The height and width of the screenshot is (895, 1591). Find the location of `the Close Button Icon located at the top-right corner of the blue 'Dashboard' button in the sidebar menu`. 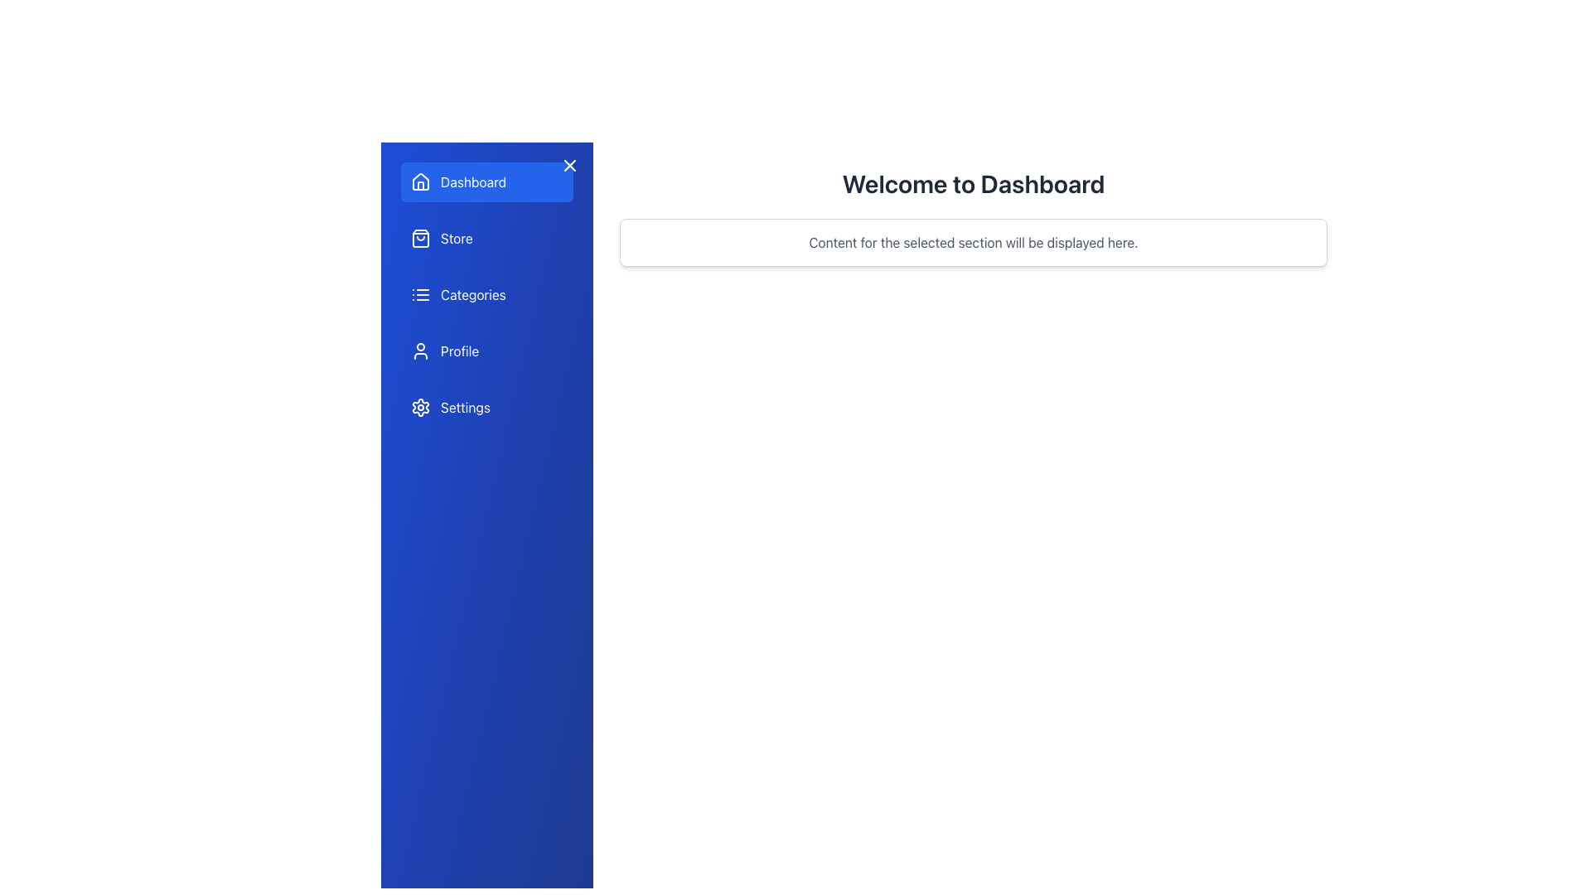

the Close Button Icon located at the top-right corner of the blue 'Dashboard' button in the sidebar menu is located at coordinates (569, 166).